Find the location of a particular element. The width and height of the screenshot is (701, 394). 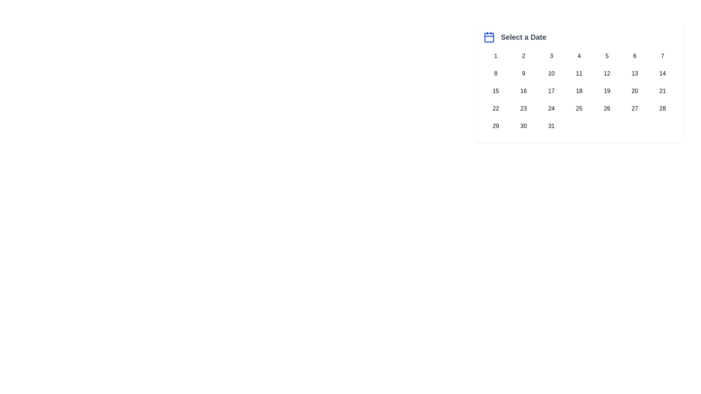

the calendar day button representing the 6th day in the calendar widget is located at coordinates (634, 56).